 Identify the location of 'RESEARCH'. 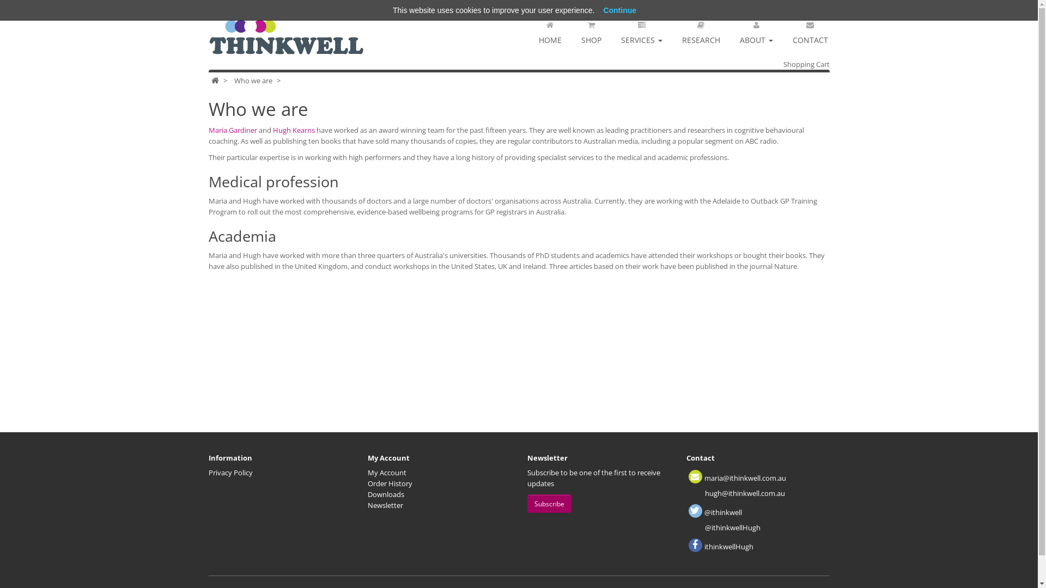
(701, 29).